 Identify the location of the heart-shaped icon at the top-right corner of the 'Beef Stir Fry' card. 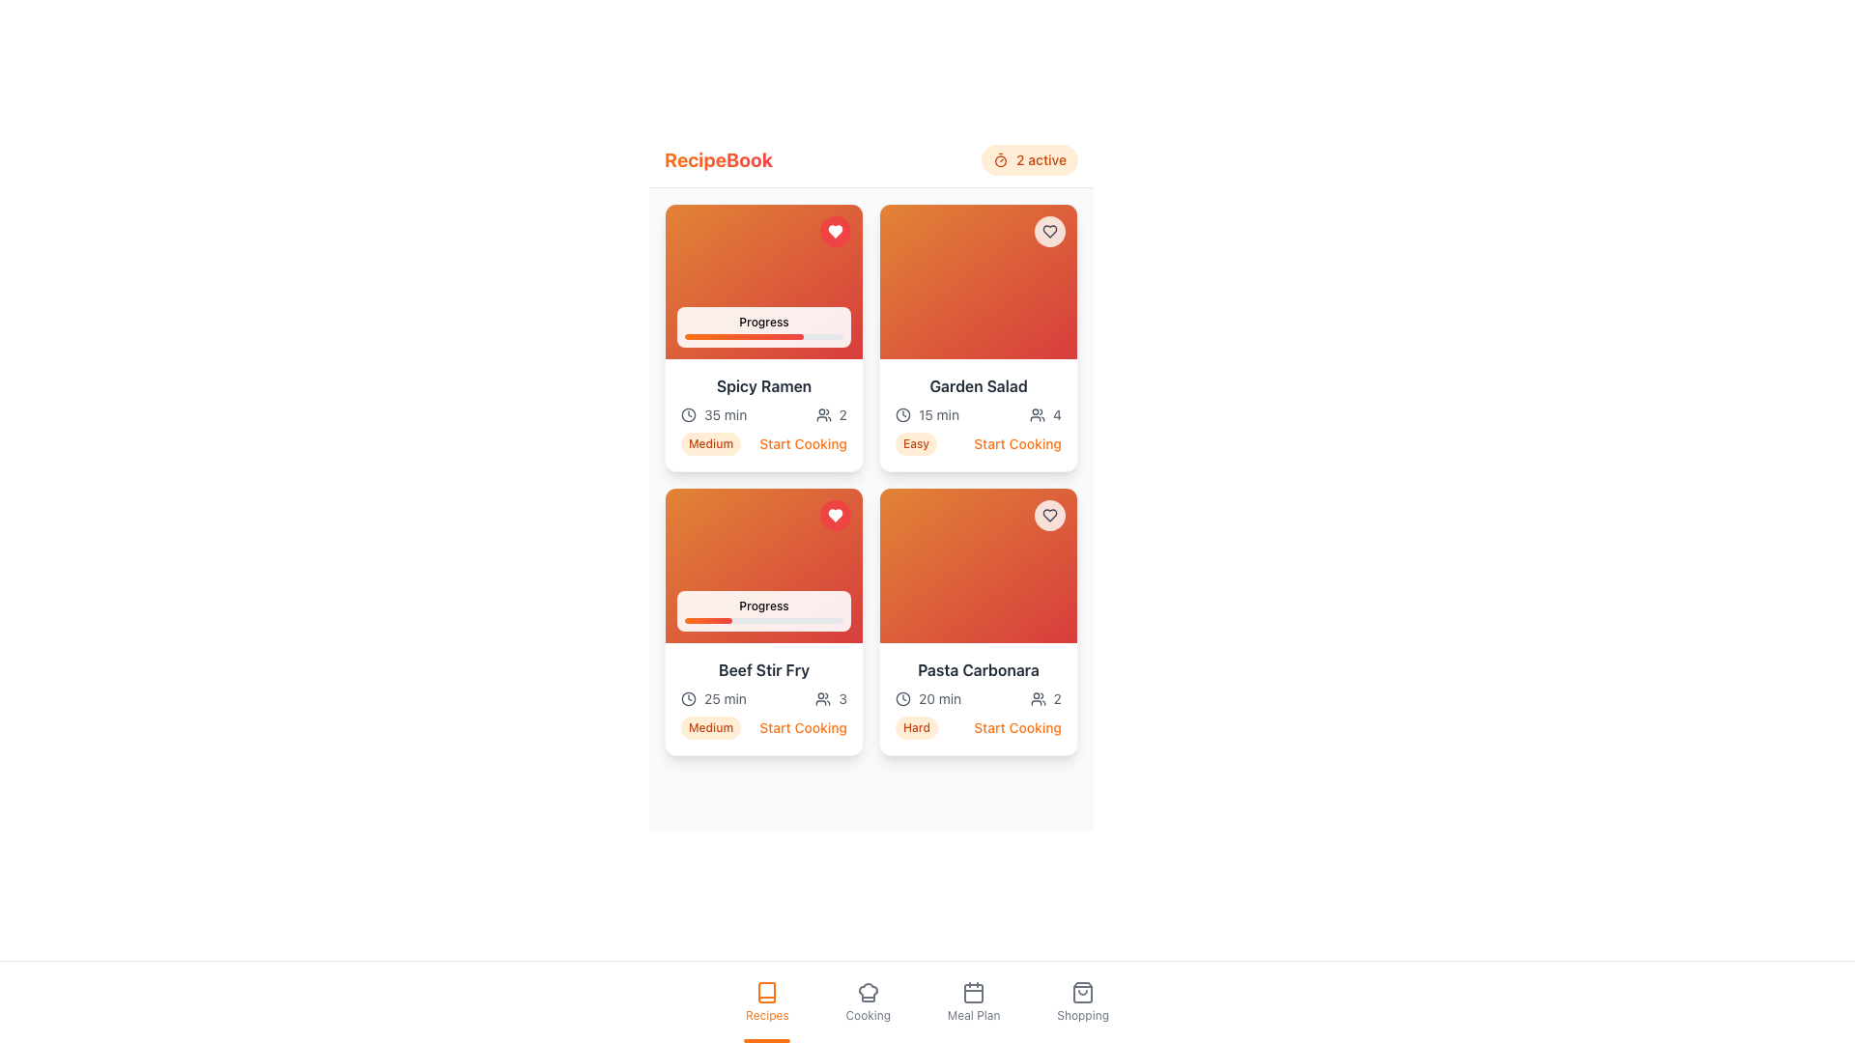
(835, 514).